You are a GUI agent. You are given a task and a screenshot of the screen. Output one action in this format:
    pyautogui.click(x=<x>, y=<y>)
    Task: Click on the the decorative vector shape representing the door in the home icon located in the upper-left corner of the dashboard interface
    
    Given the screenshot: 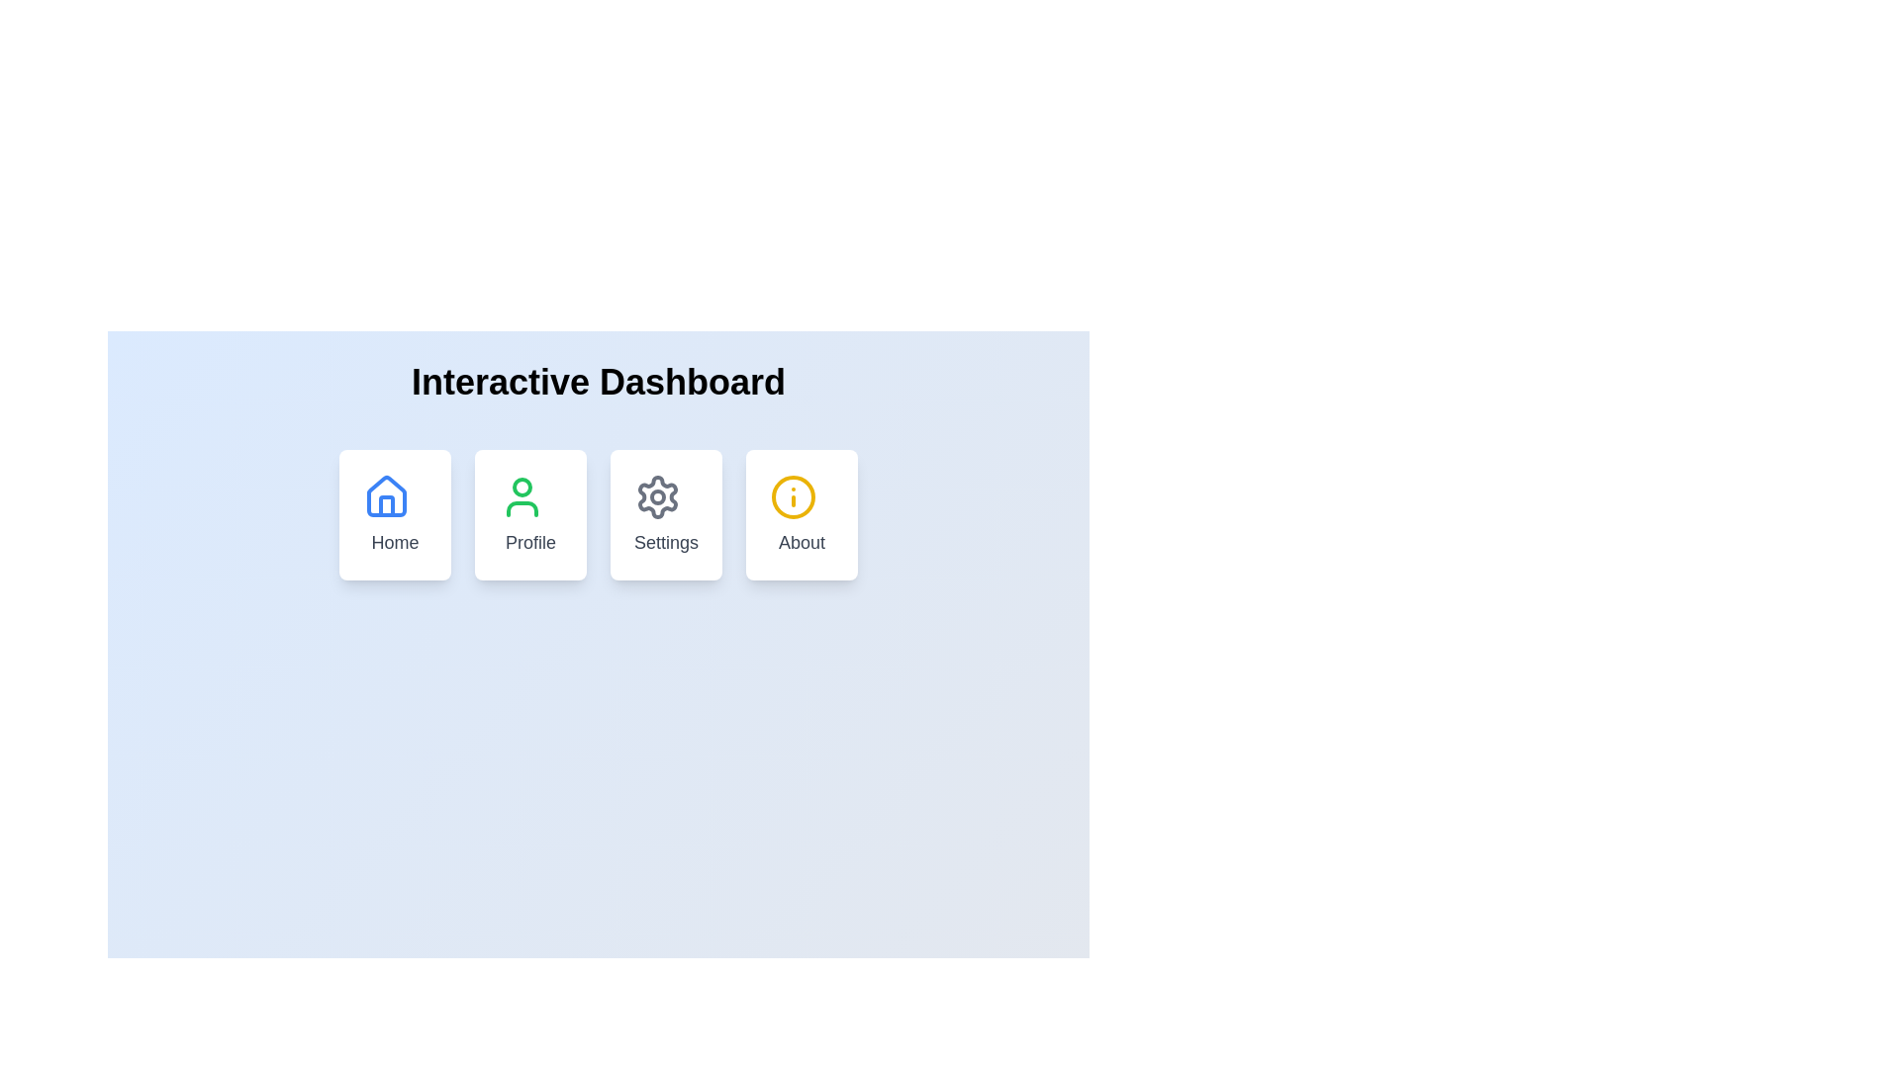 What is the action you would take?
    pyautogui.click(x=386, y=505)
    